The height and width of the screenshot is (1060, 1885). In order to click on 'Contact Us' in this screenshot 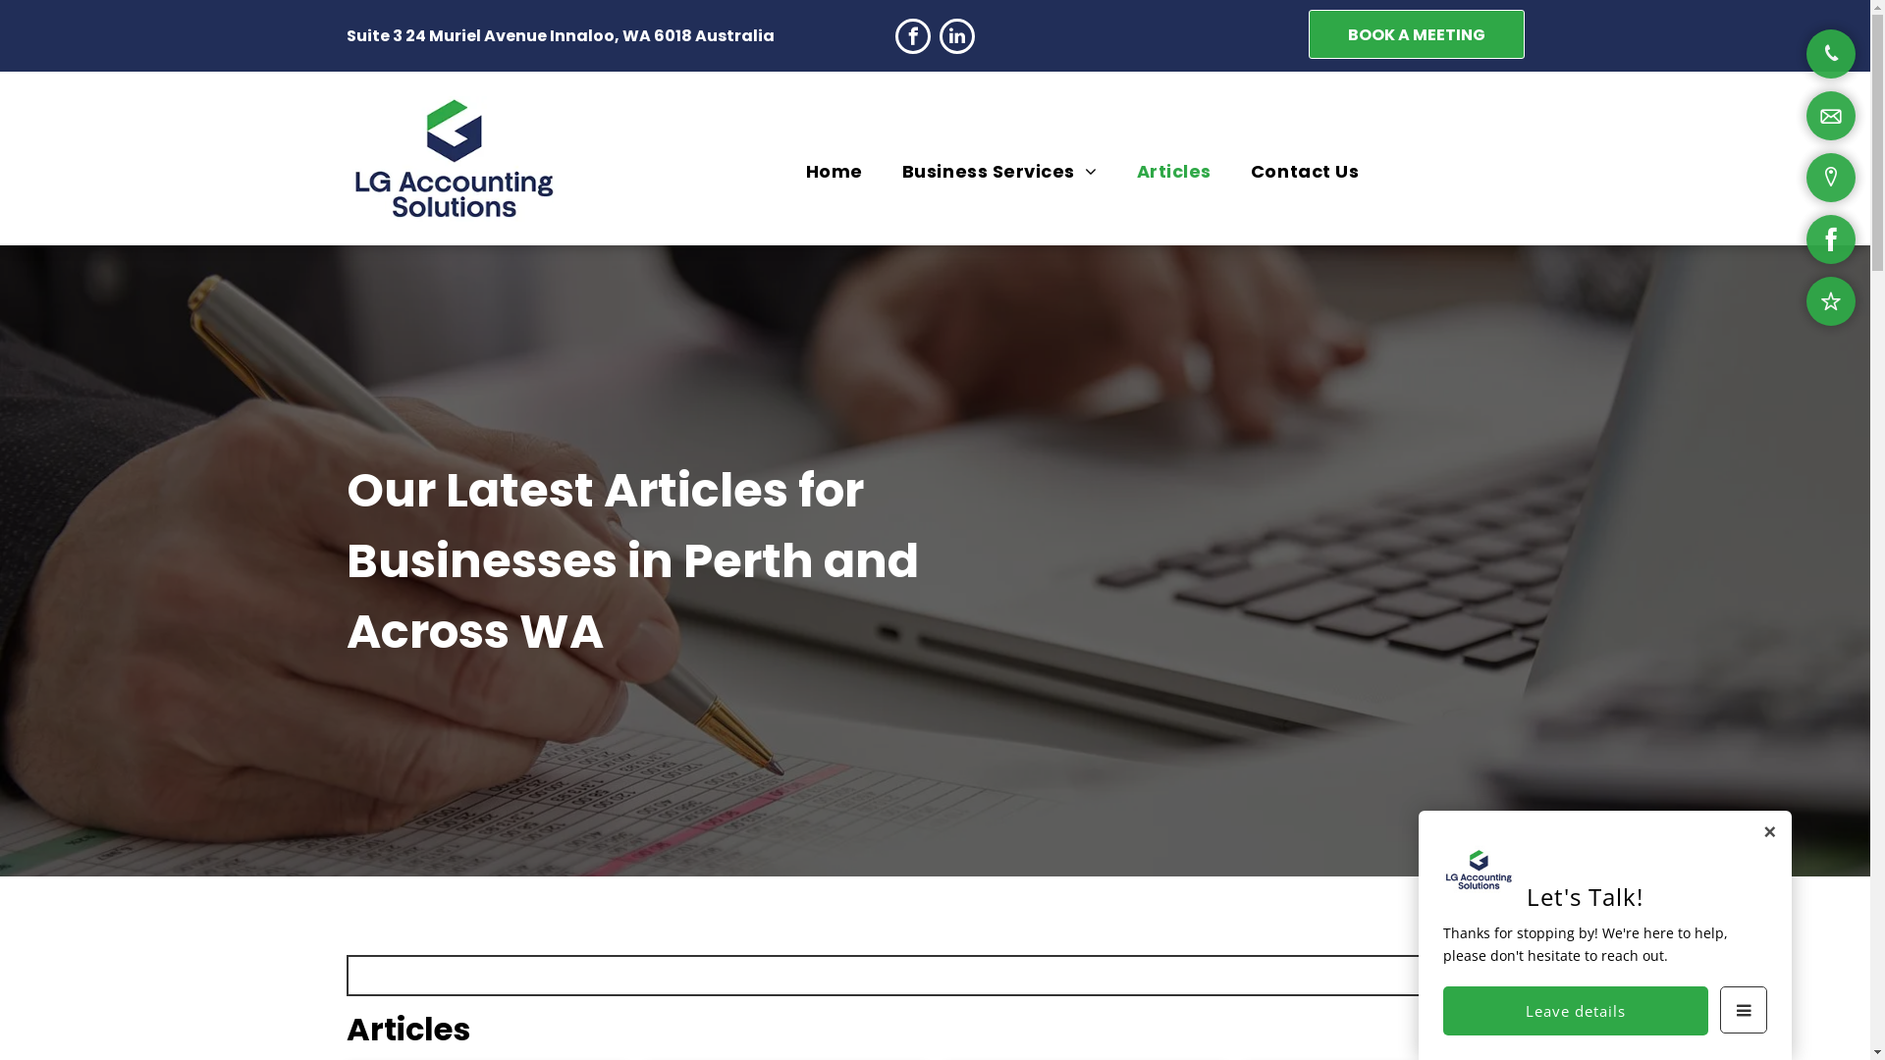, I will do `click(1305, 169)`.